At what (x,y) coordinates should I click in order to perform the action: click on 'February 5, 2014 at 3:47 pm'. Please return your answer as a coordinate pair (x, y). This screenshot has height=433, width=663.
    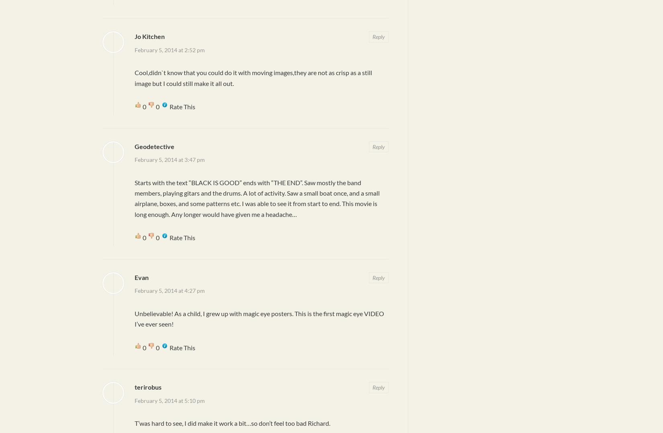
    Looking at the image, I should click on (169, 159).